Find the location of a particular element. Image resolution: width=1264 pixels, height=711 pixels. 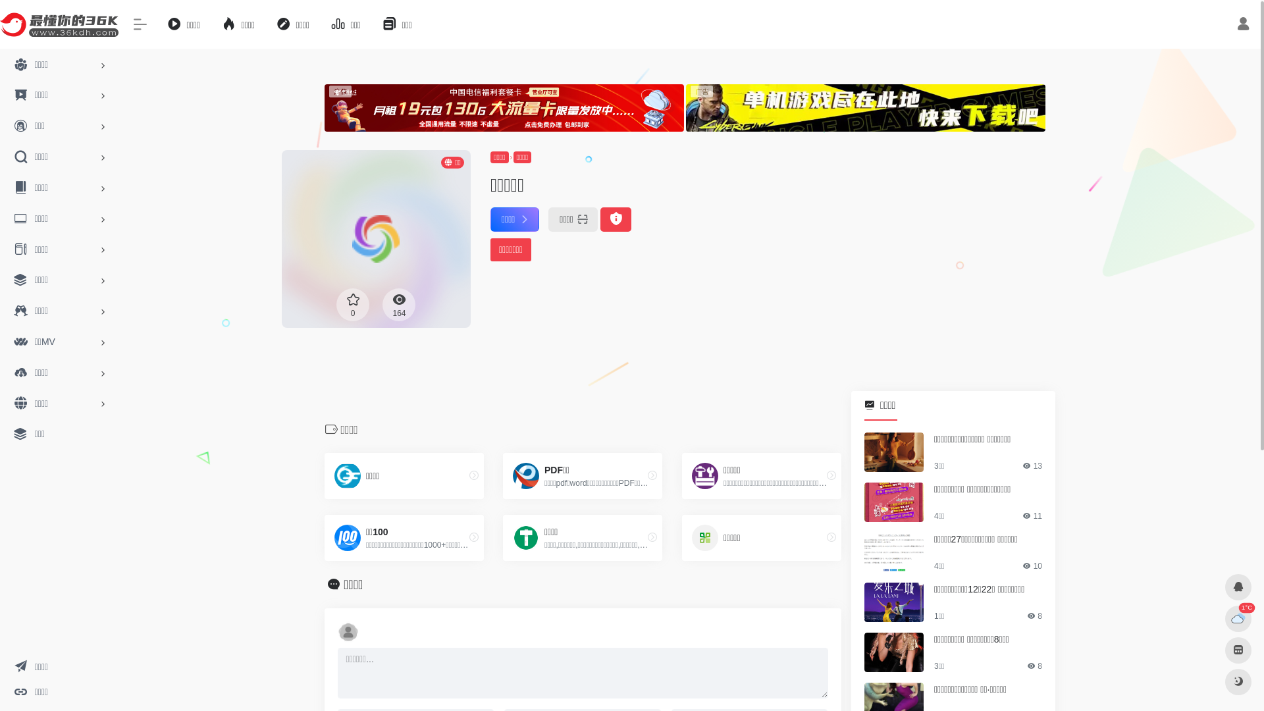

'0' is located at coordinates (353, 304).